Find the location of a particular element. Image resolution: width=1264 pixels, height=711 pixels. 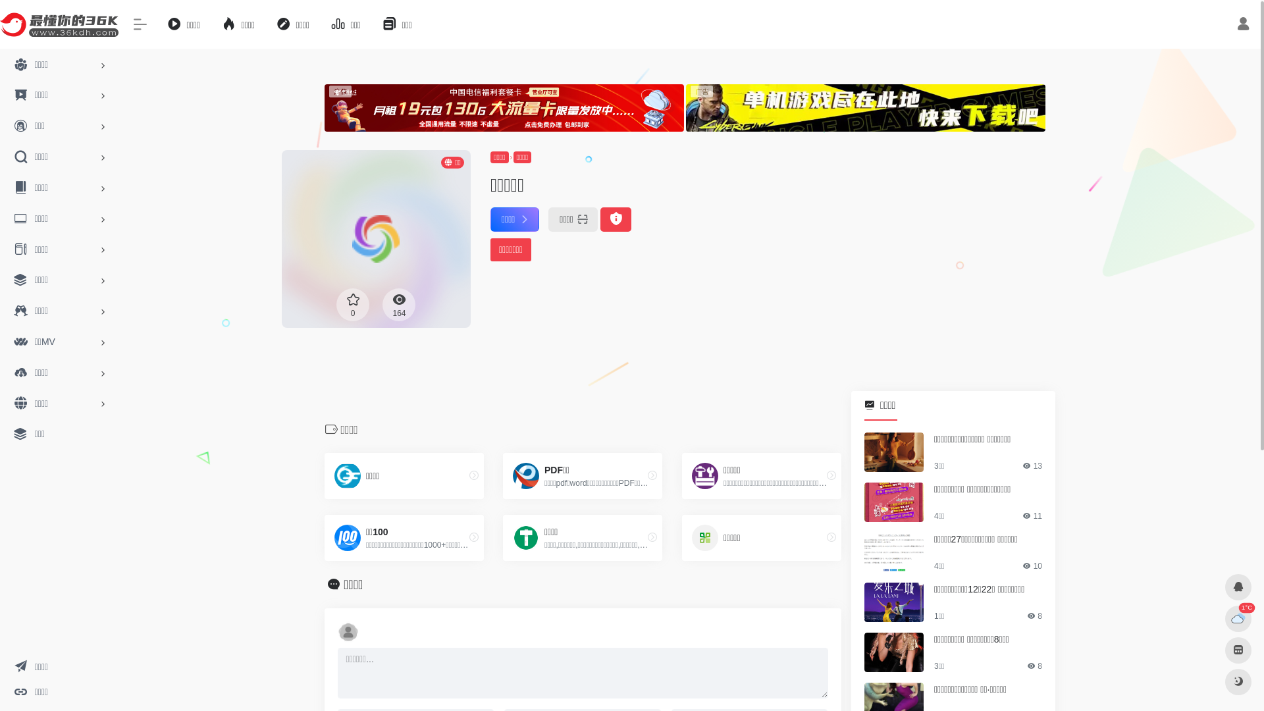

'0' is located at coordinates (353, 304).